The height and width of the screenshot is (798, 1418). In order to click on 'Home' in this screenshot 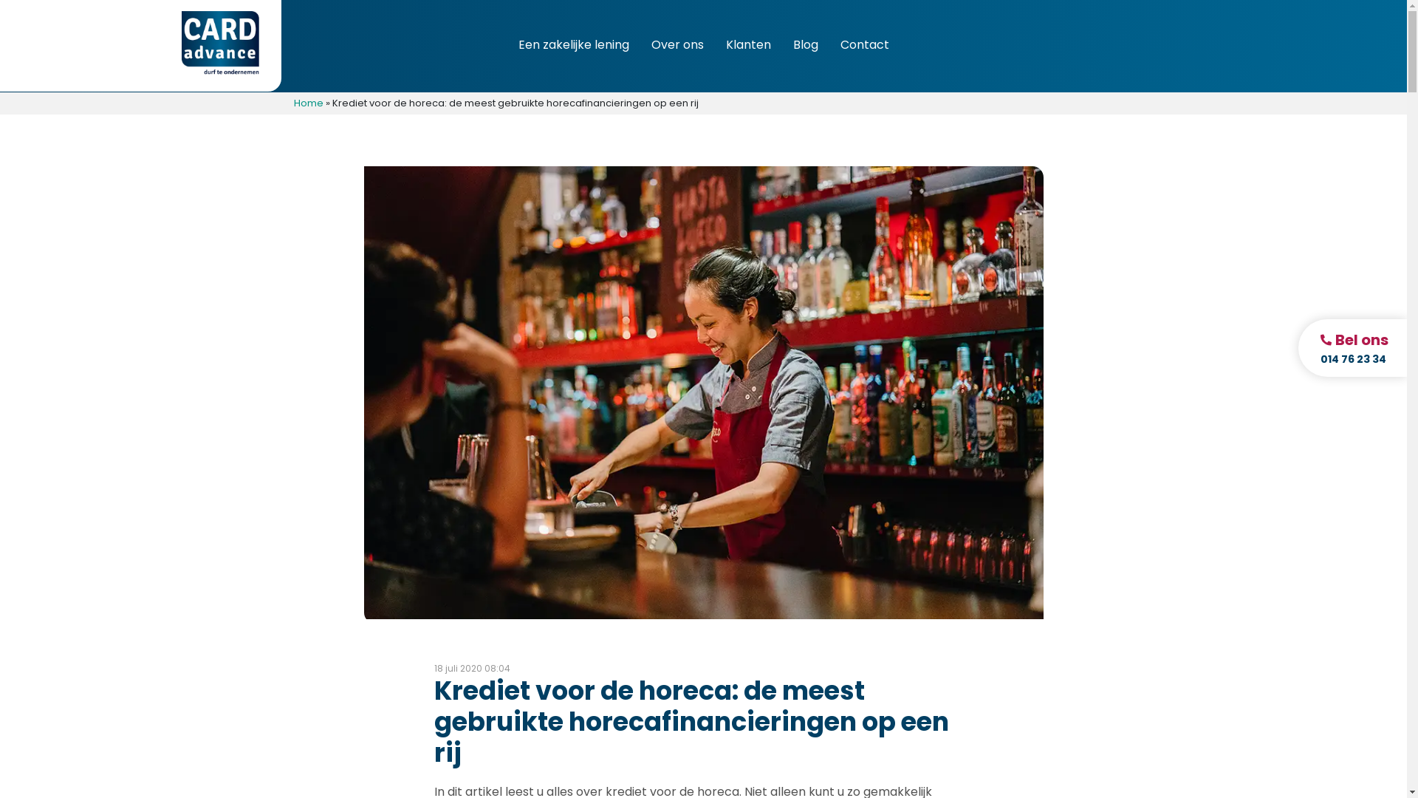, I will do `click(294, 102)`.